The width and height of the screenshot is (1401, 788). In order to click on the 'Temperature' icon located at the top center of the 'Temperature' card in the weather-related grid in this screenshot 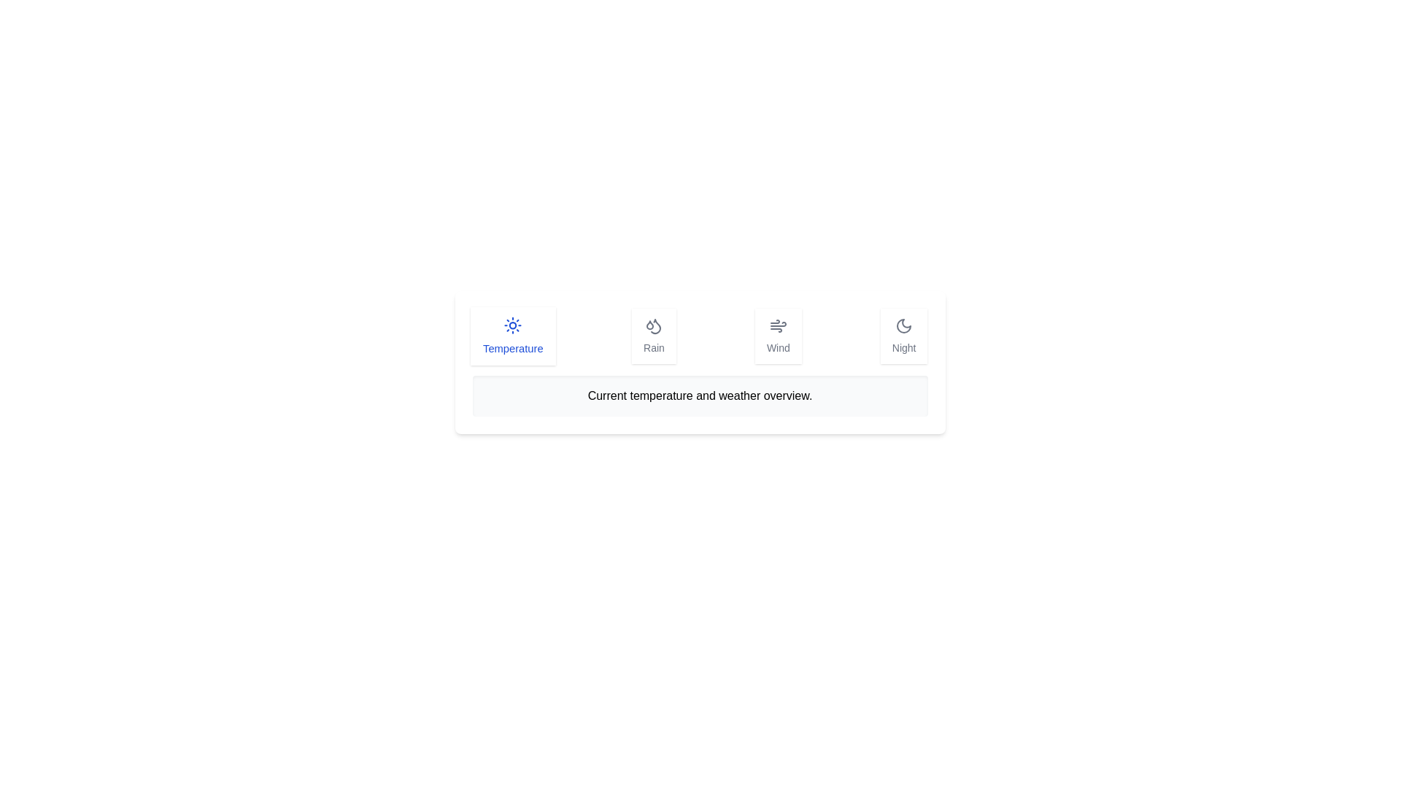, I will do `click(512, 325)`.